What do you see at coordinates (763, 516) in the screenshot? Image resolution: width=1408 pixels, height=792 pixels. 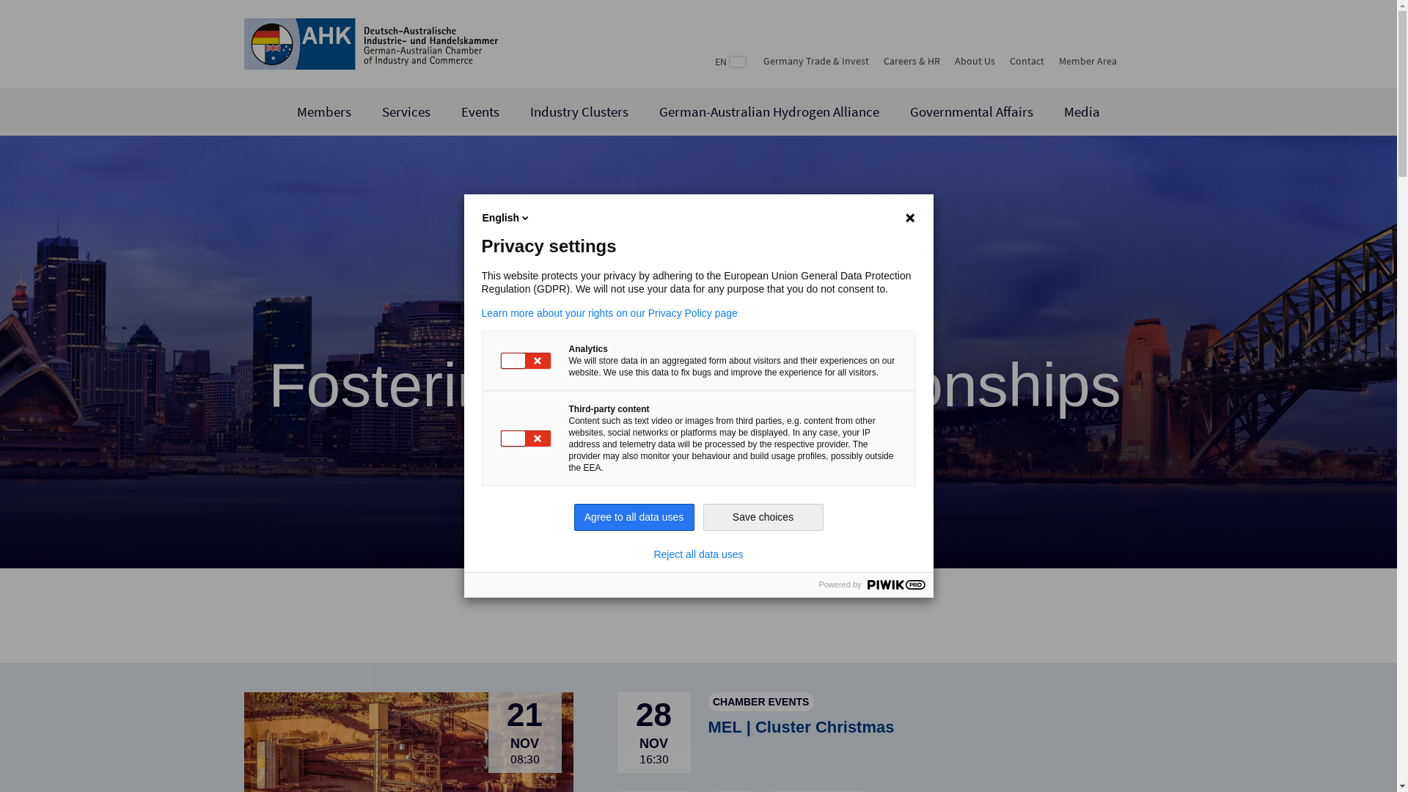 I see `'Save choices'` at bounding box center [763, 516].